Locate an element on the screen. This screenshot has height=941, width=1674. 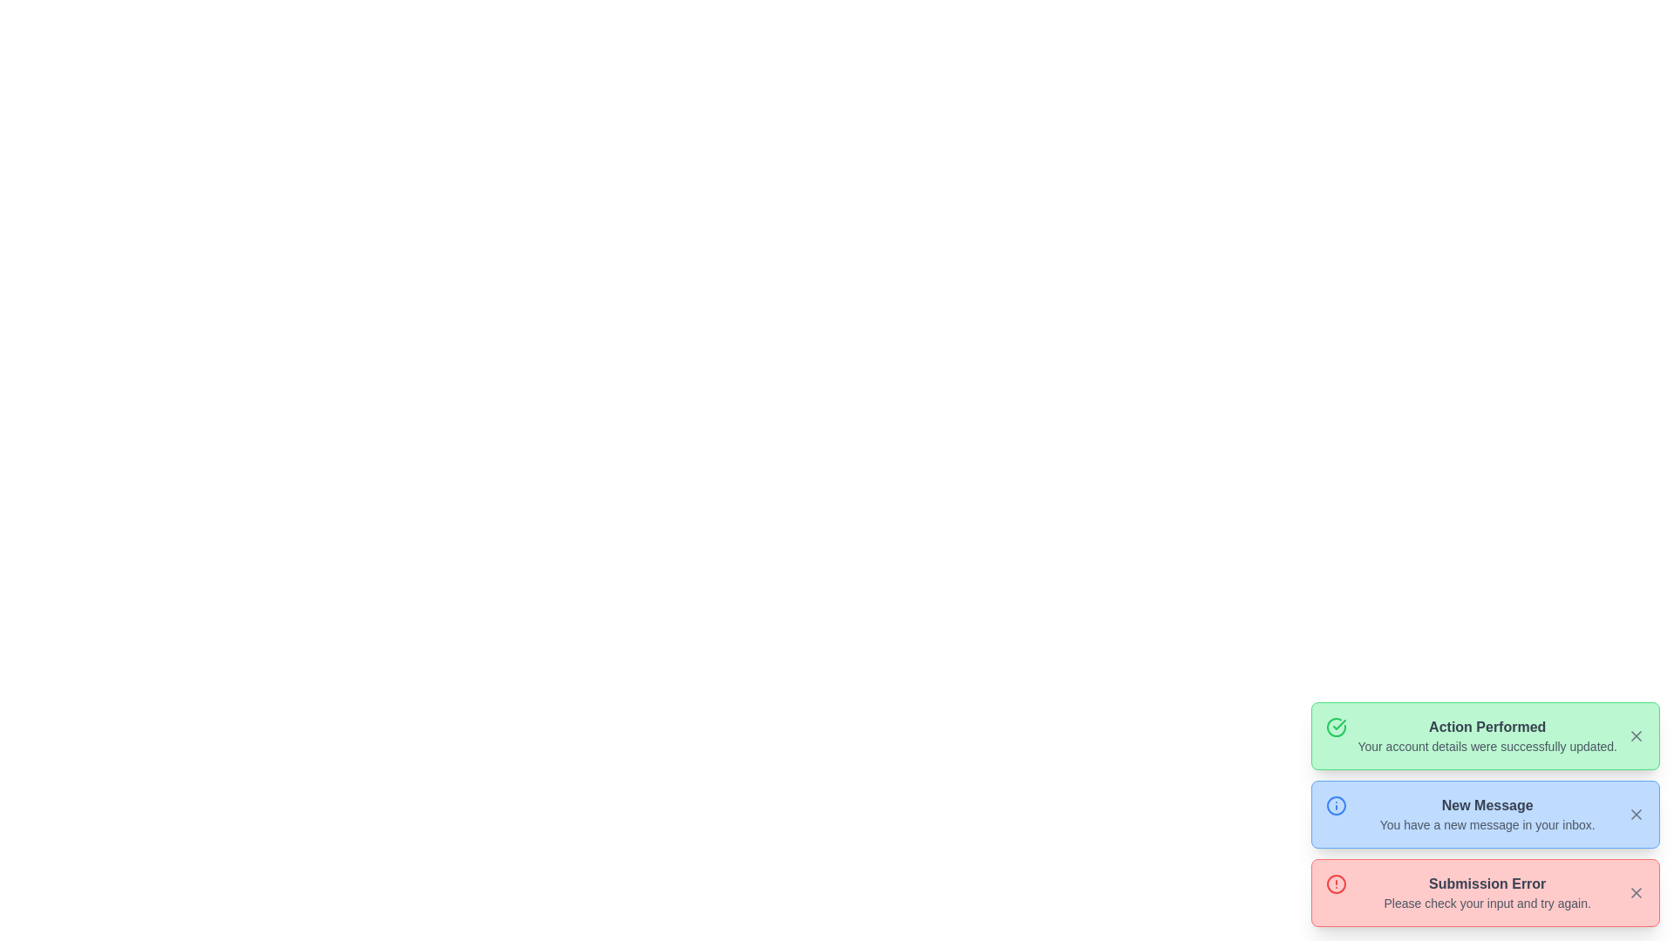
information text from the notification card titled 'New Message' with a blue background, located in the bottom-right corner of the interface is located at coordinates (1485, 814).